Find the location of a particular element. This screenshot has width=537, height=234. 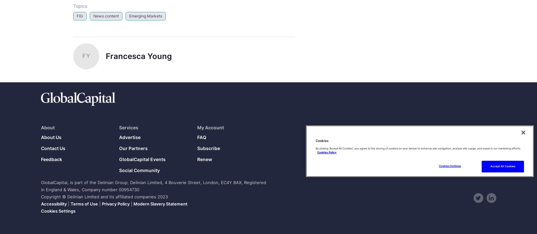

'Terms of Use' is located at coordinates (84, 204).